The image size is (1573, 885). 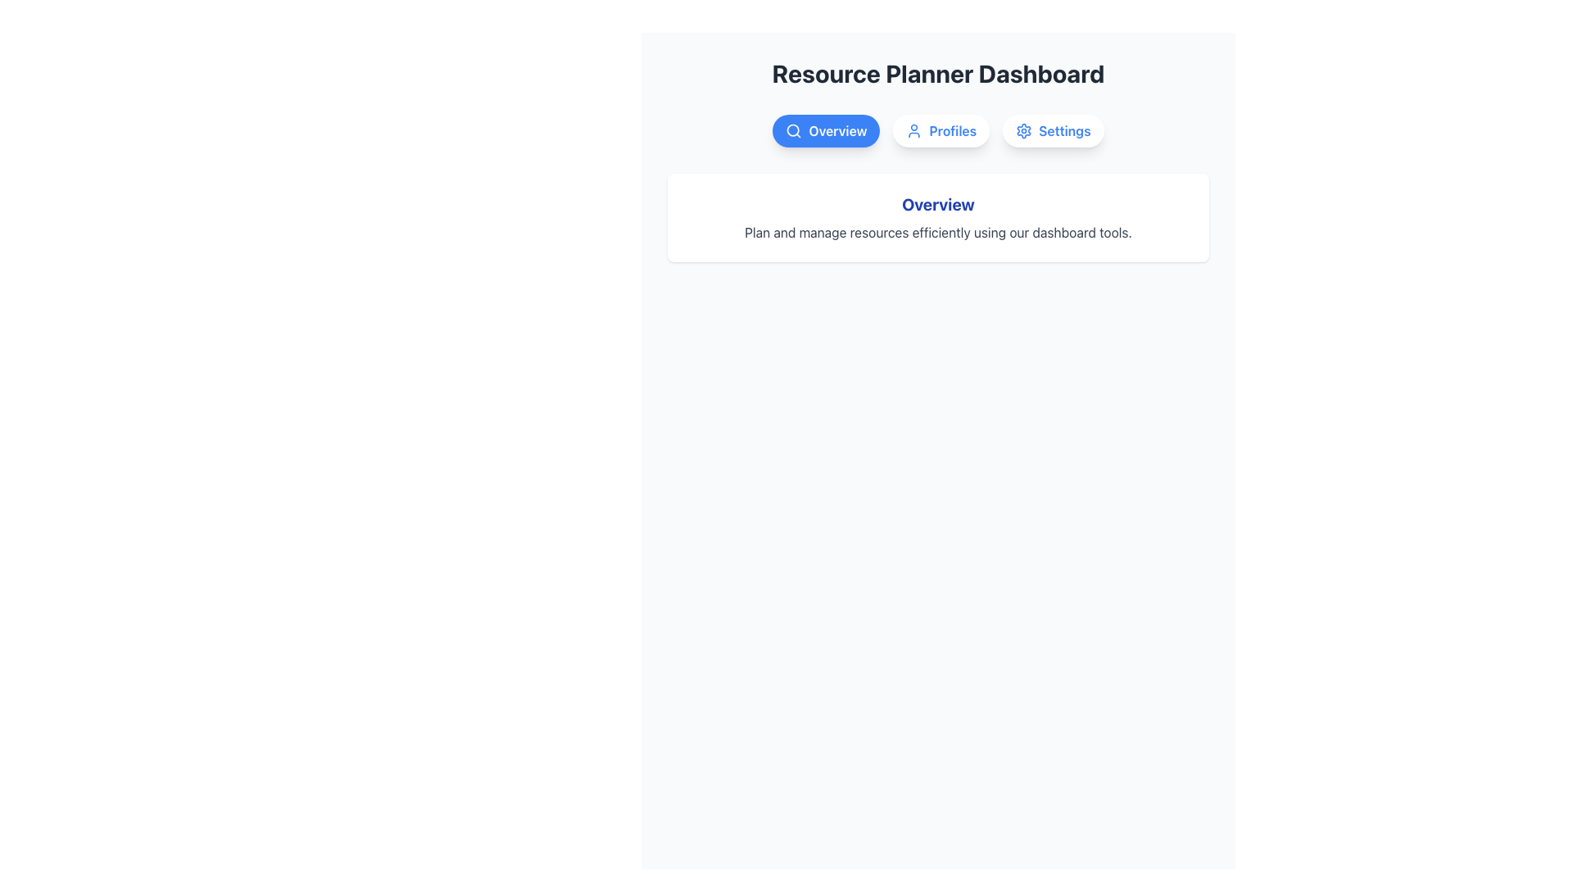 I want to click on the 'Profiles' navigation button, which is a horizontally-aligned button with blue text and a user icon, so click(x=938, y=129).